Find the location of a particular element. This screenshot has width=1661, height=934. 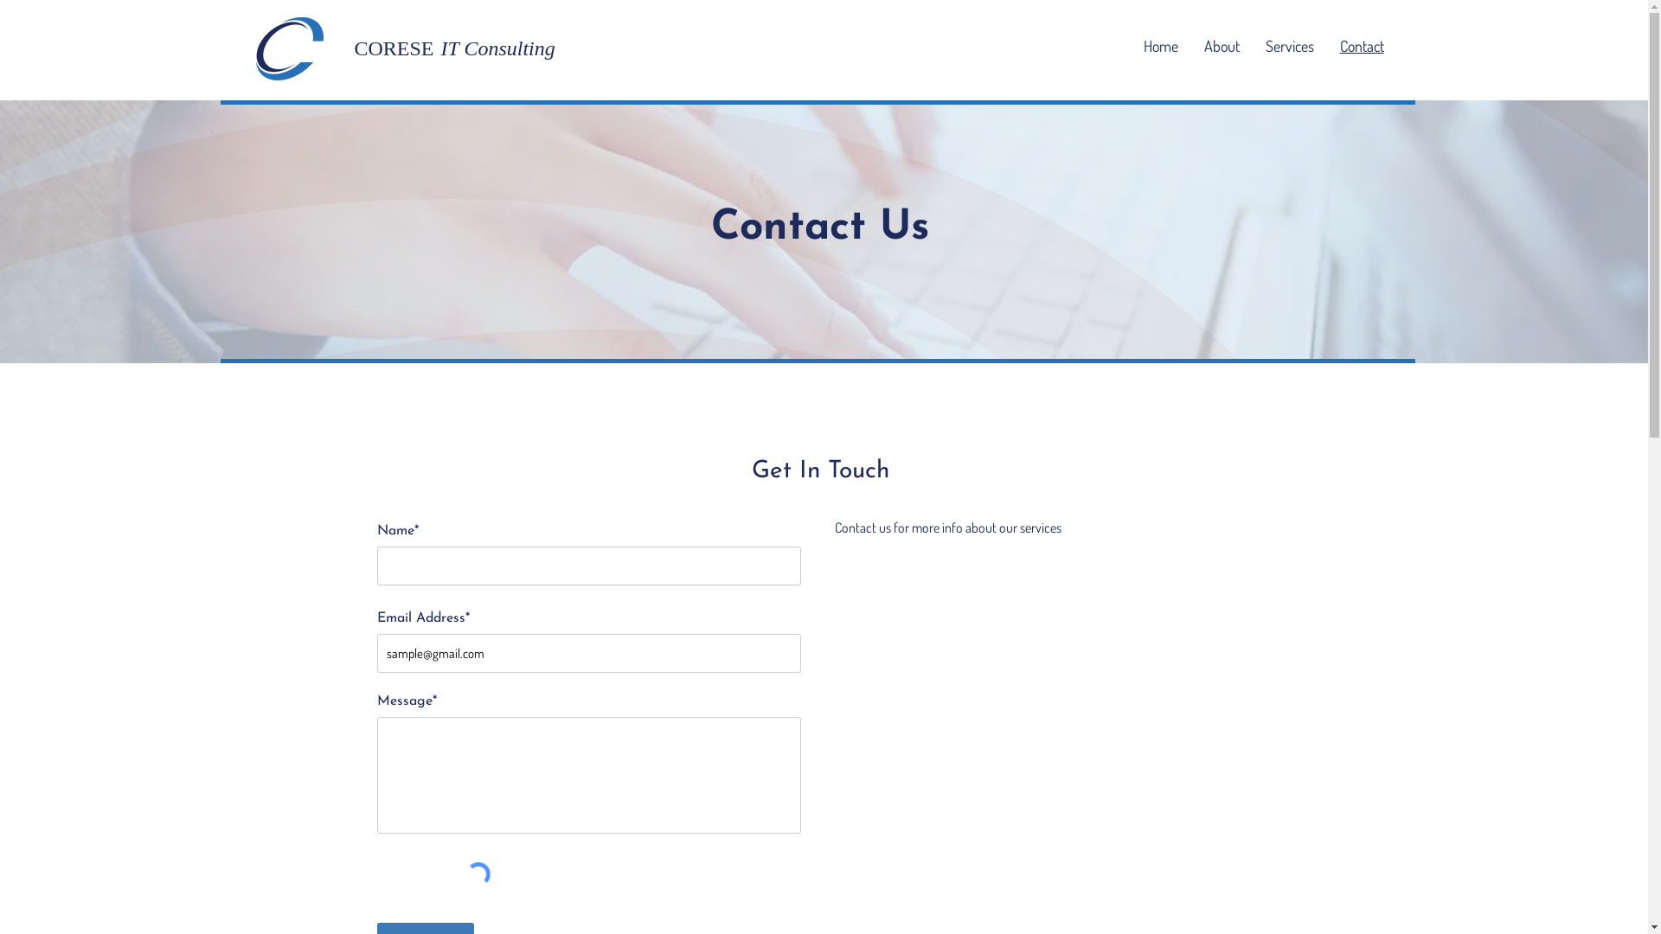

'Home' is located at coordinates (1159, 45).